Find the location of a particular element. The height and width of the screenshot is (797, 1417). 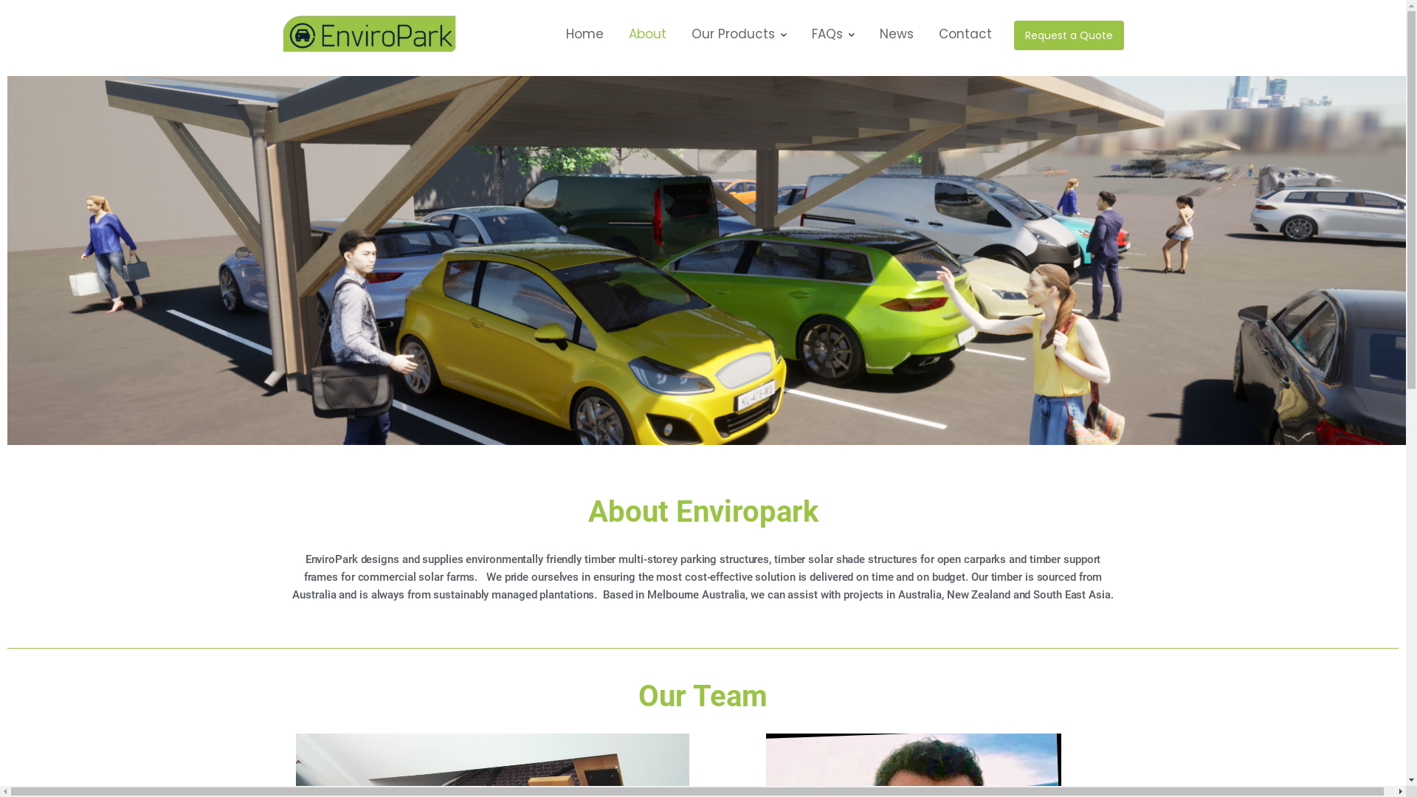

'News' is located at coordinates (895, 33).